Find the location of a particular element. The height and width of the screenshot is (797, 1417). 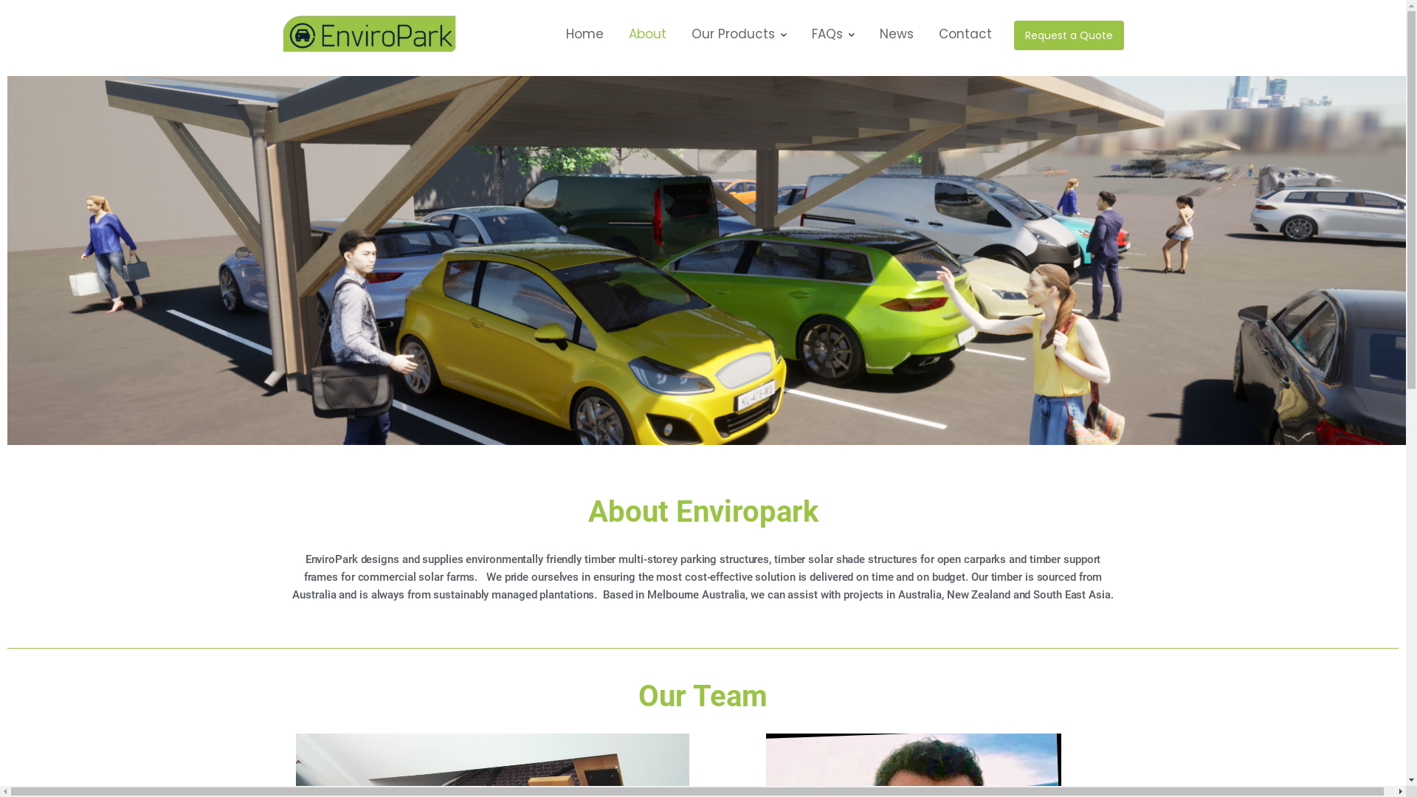

'News' is located at coordinates (895, 33).